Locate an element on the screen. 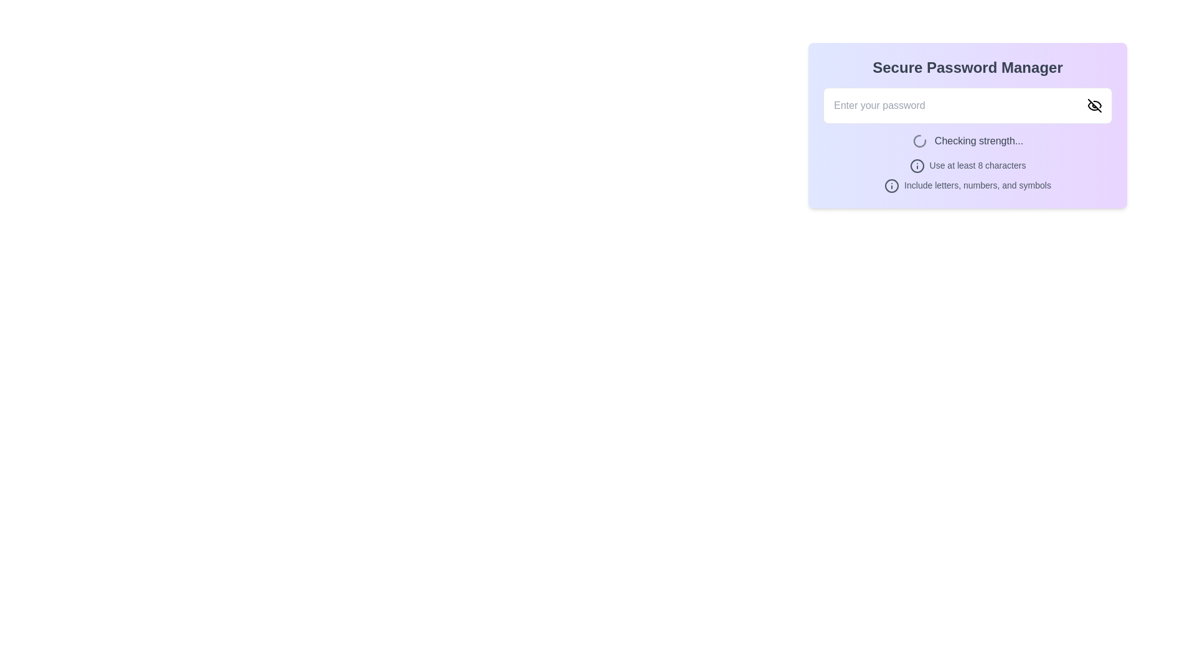 This screenshot has width=1195, height=672. the spinning loader SVG graphic that indicates an ongoing password strength checking process, located next to the text 'Checking strength...' is located at coordinates (919, 141).